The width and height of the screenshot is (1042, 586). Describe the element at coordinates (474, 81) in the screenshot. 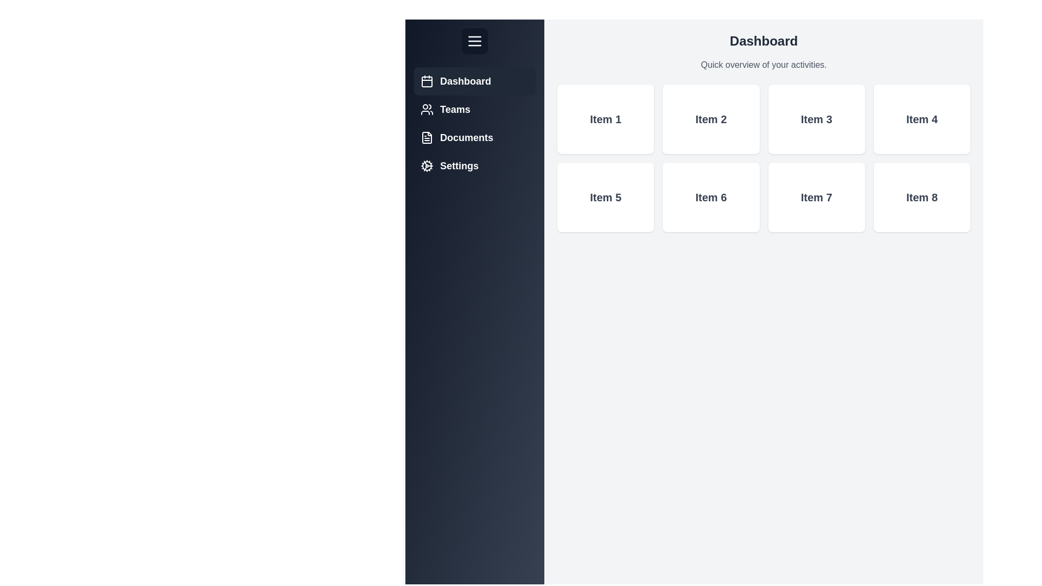

I see `the Dashboard tab from the sidebar menu` at that location.